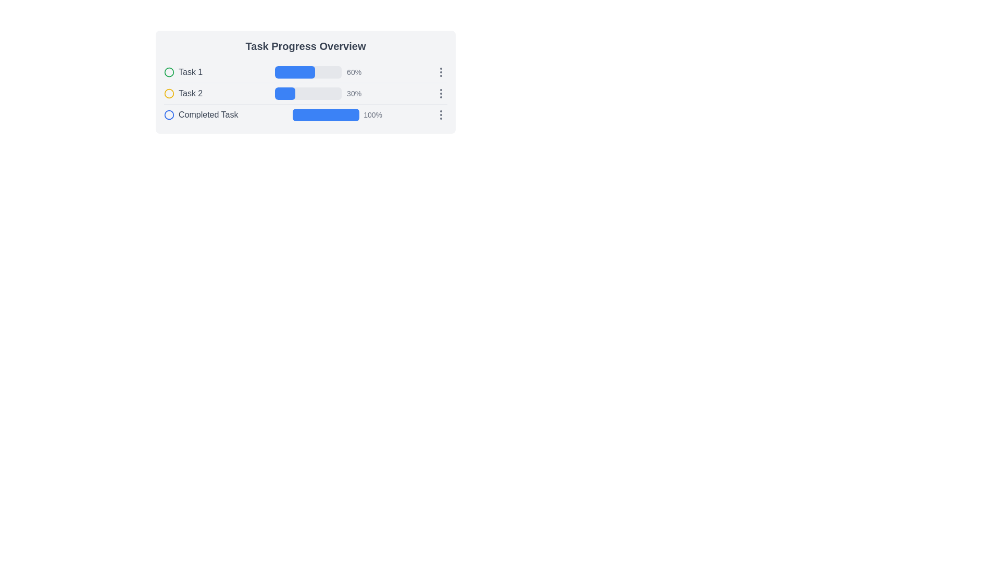  Describe the element at coordinates (441, 94) in the screenshot. I see `the vertical ellipsis icon located on the far-right side of the row associated with 'Task 2'` at that location.